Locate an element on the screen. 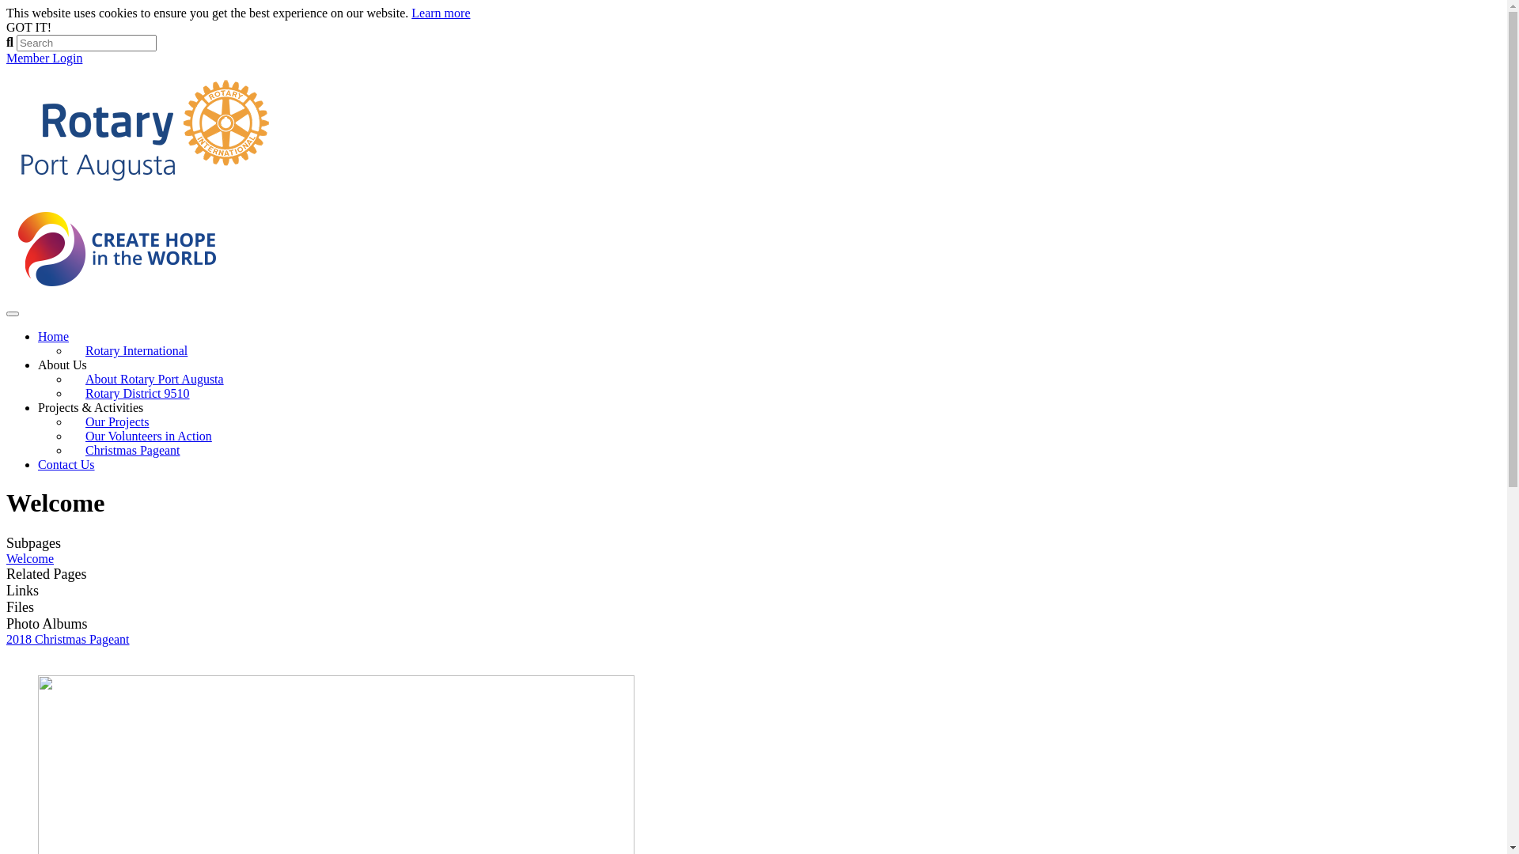 Image resolution: width=1519 pixels, height=854 pixels. 'GOT IT!' is located at coordinates (28, 27).